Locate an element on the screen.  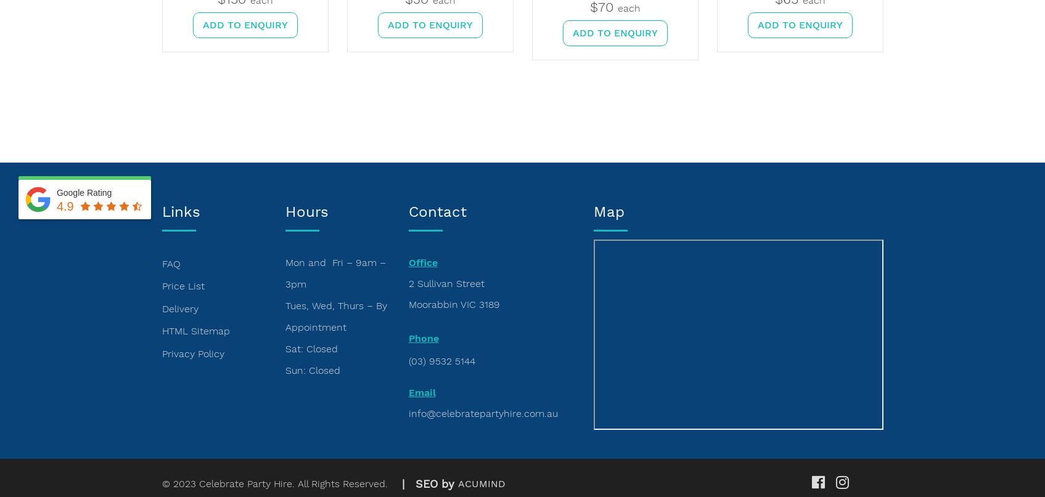
'Contact' is located at coordinates (437, 212).